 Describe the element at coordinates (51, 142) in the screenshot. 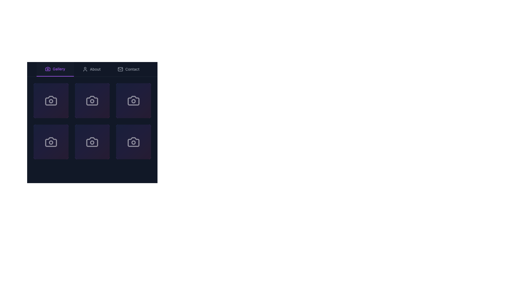

I see `the Icon Button featuring a gradient background and a stylized camera symbol in the center` at that location.